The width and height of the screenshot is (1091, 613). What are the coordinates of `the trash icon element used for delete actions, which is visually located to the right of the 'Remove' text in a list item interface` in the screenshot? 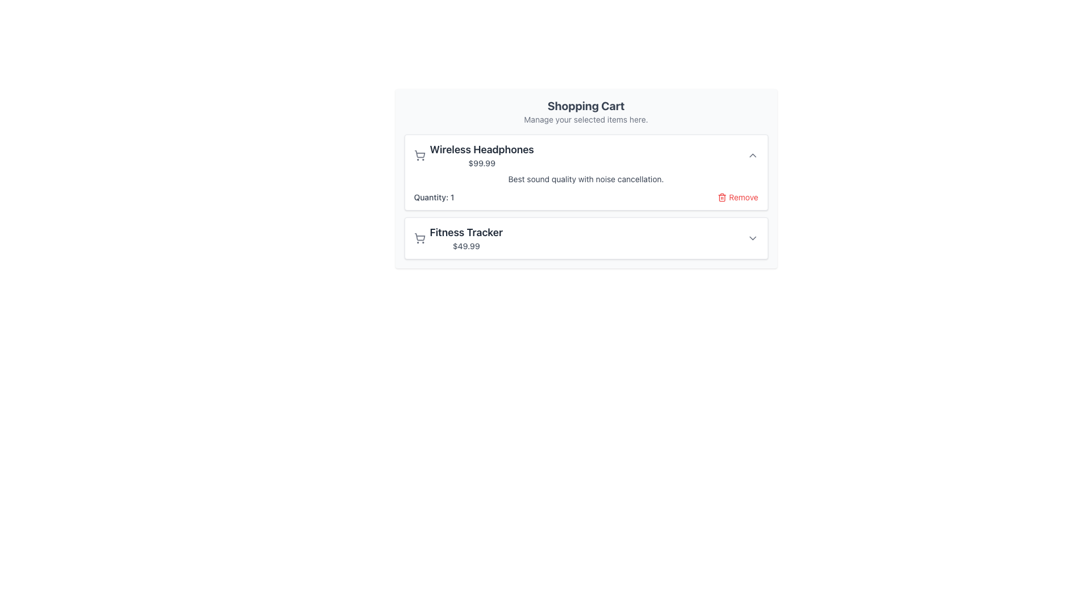 It's located at (722, 198).